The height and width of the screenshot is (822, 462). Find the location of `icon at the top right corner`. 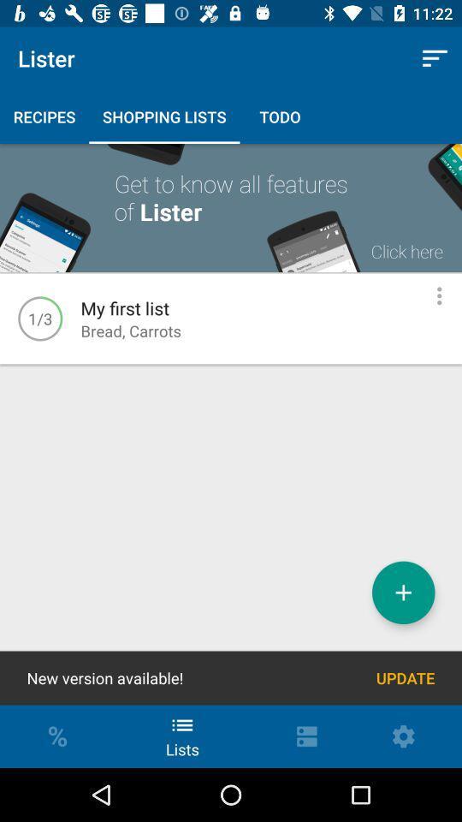

icon at the top right corner is located at coordinates (435, 58).